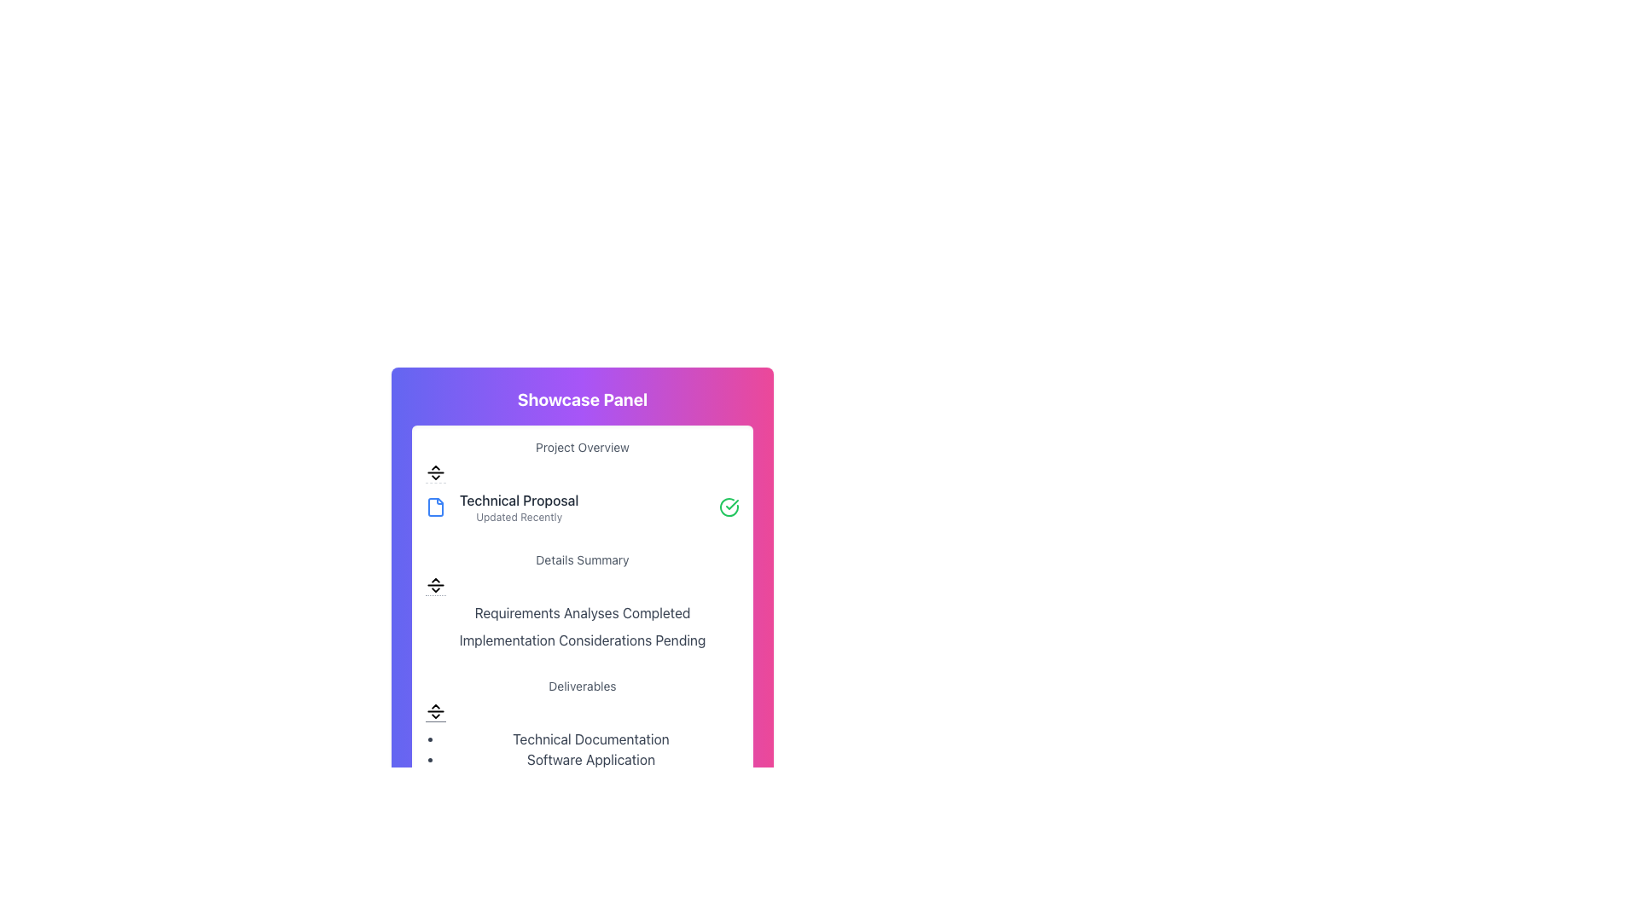  I want to click on text displayed in the summary section that indicates the progress or state of certain tasks, located between the 'Technical Proposal' and 'Deliverables' groups, so click(582, 600).